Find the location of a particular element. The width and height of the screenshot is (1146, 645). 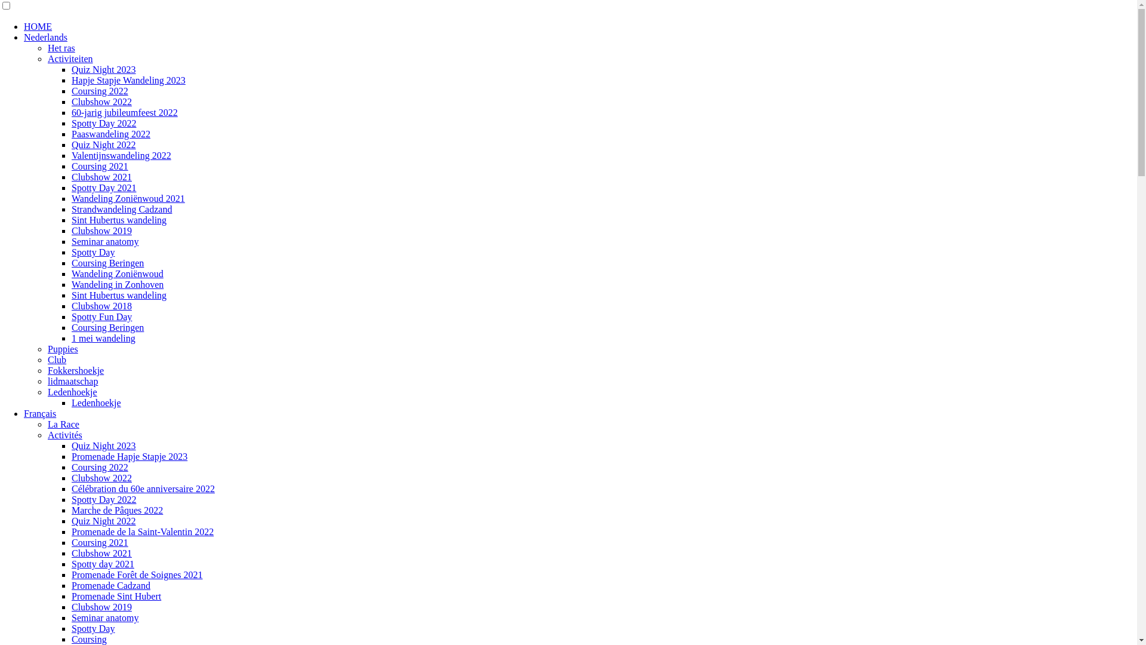

'Spotty Day 2021' is located at coordinates (103, 188).